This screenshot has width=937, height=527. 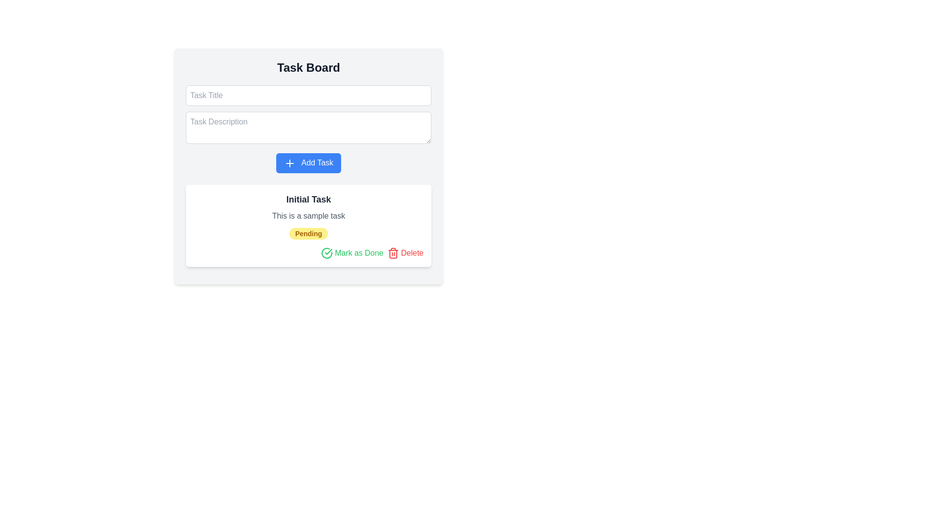 I want to click on the plus icon located to the left side of the 'Add Task' button, which is centered vertically with the button's text and positioned beneath the 'Task Description' input field, so click(x=289, y=162).